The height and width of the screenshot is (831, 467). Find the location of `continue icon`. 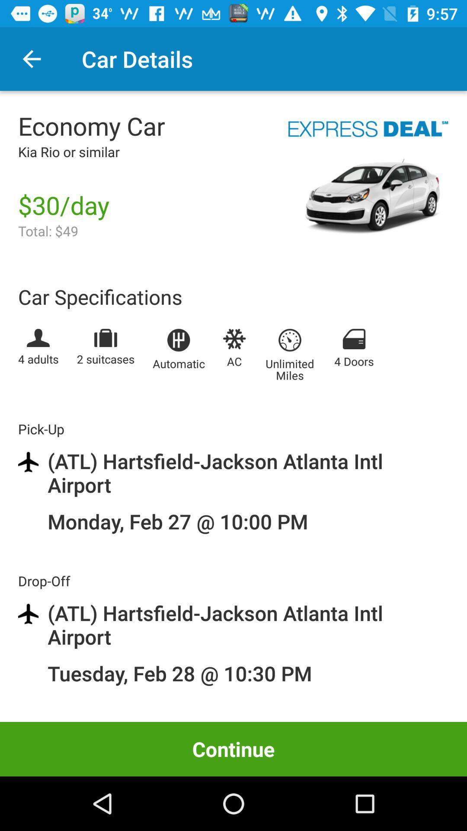

continue icon is located at coordinates (233, 749).